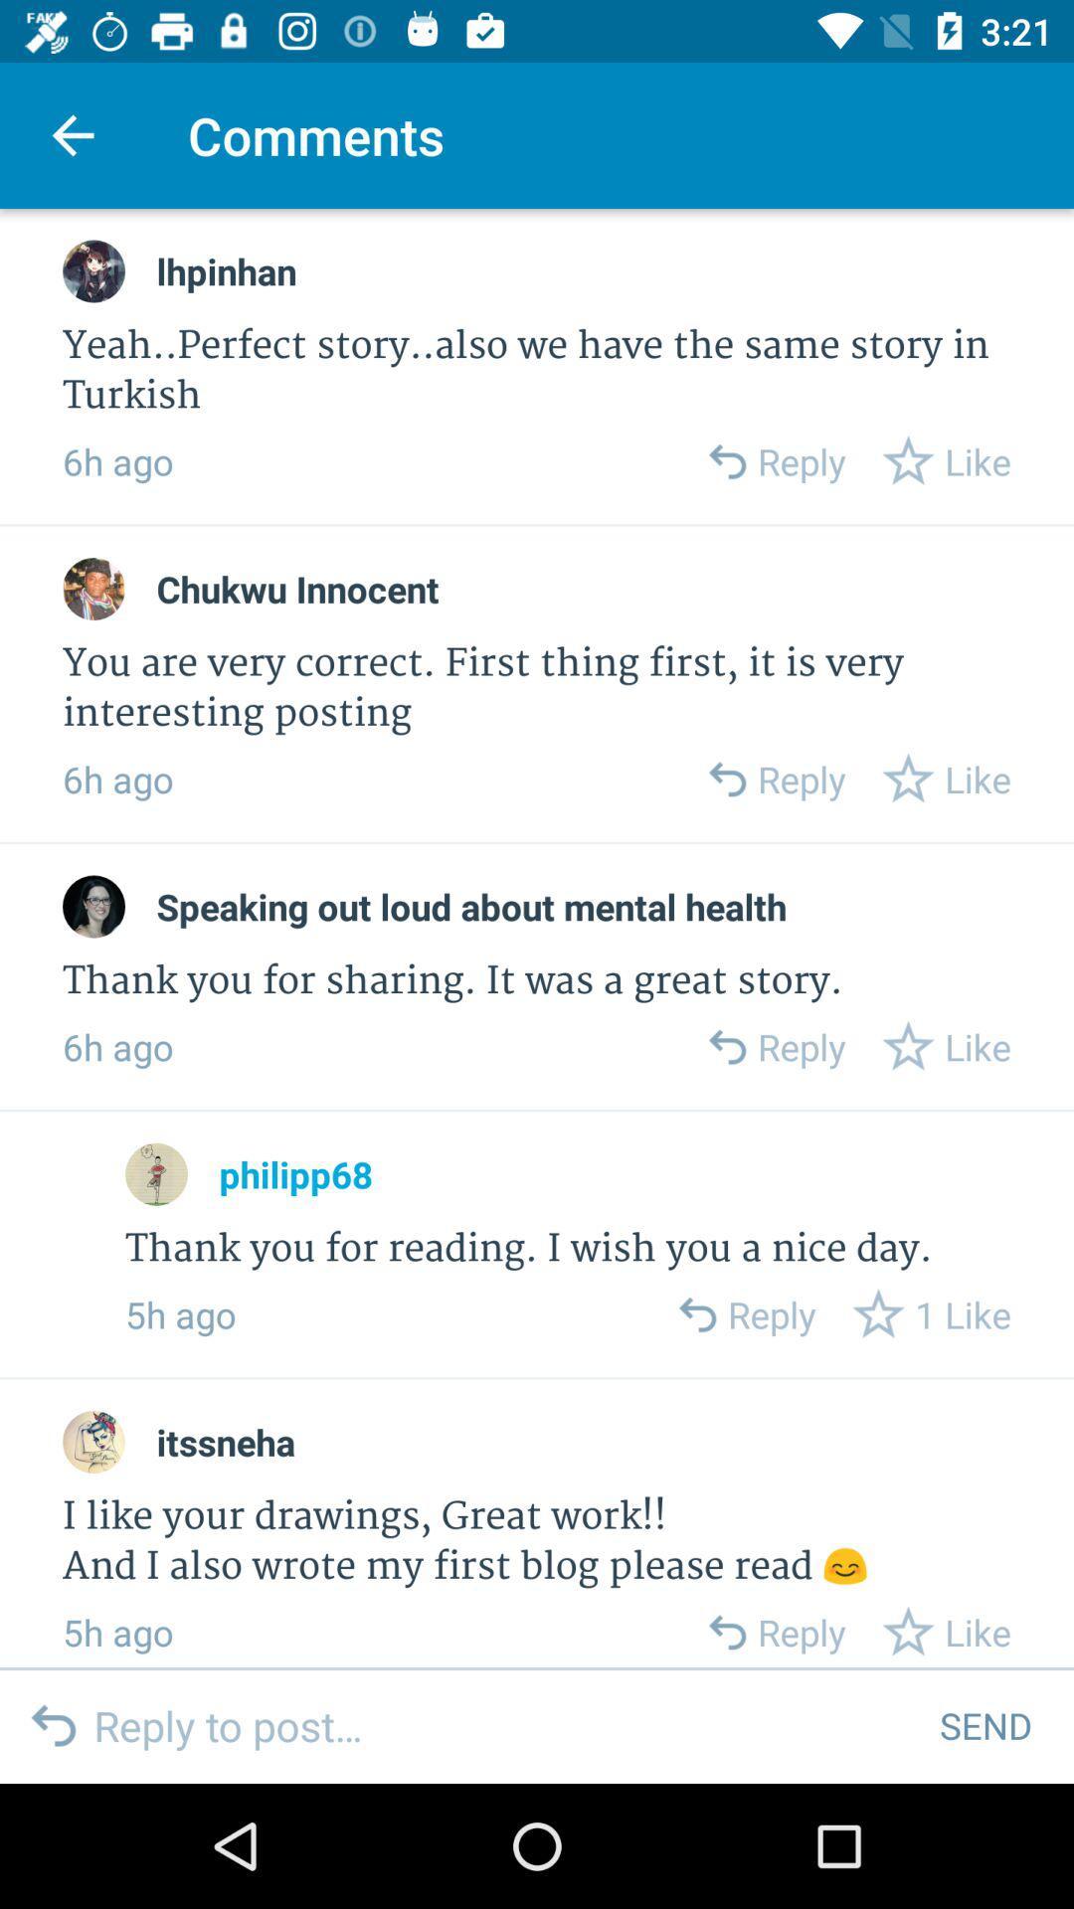  Describe the element at coordinates (726, 460) in the screenshot. I see `reply` at that location.